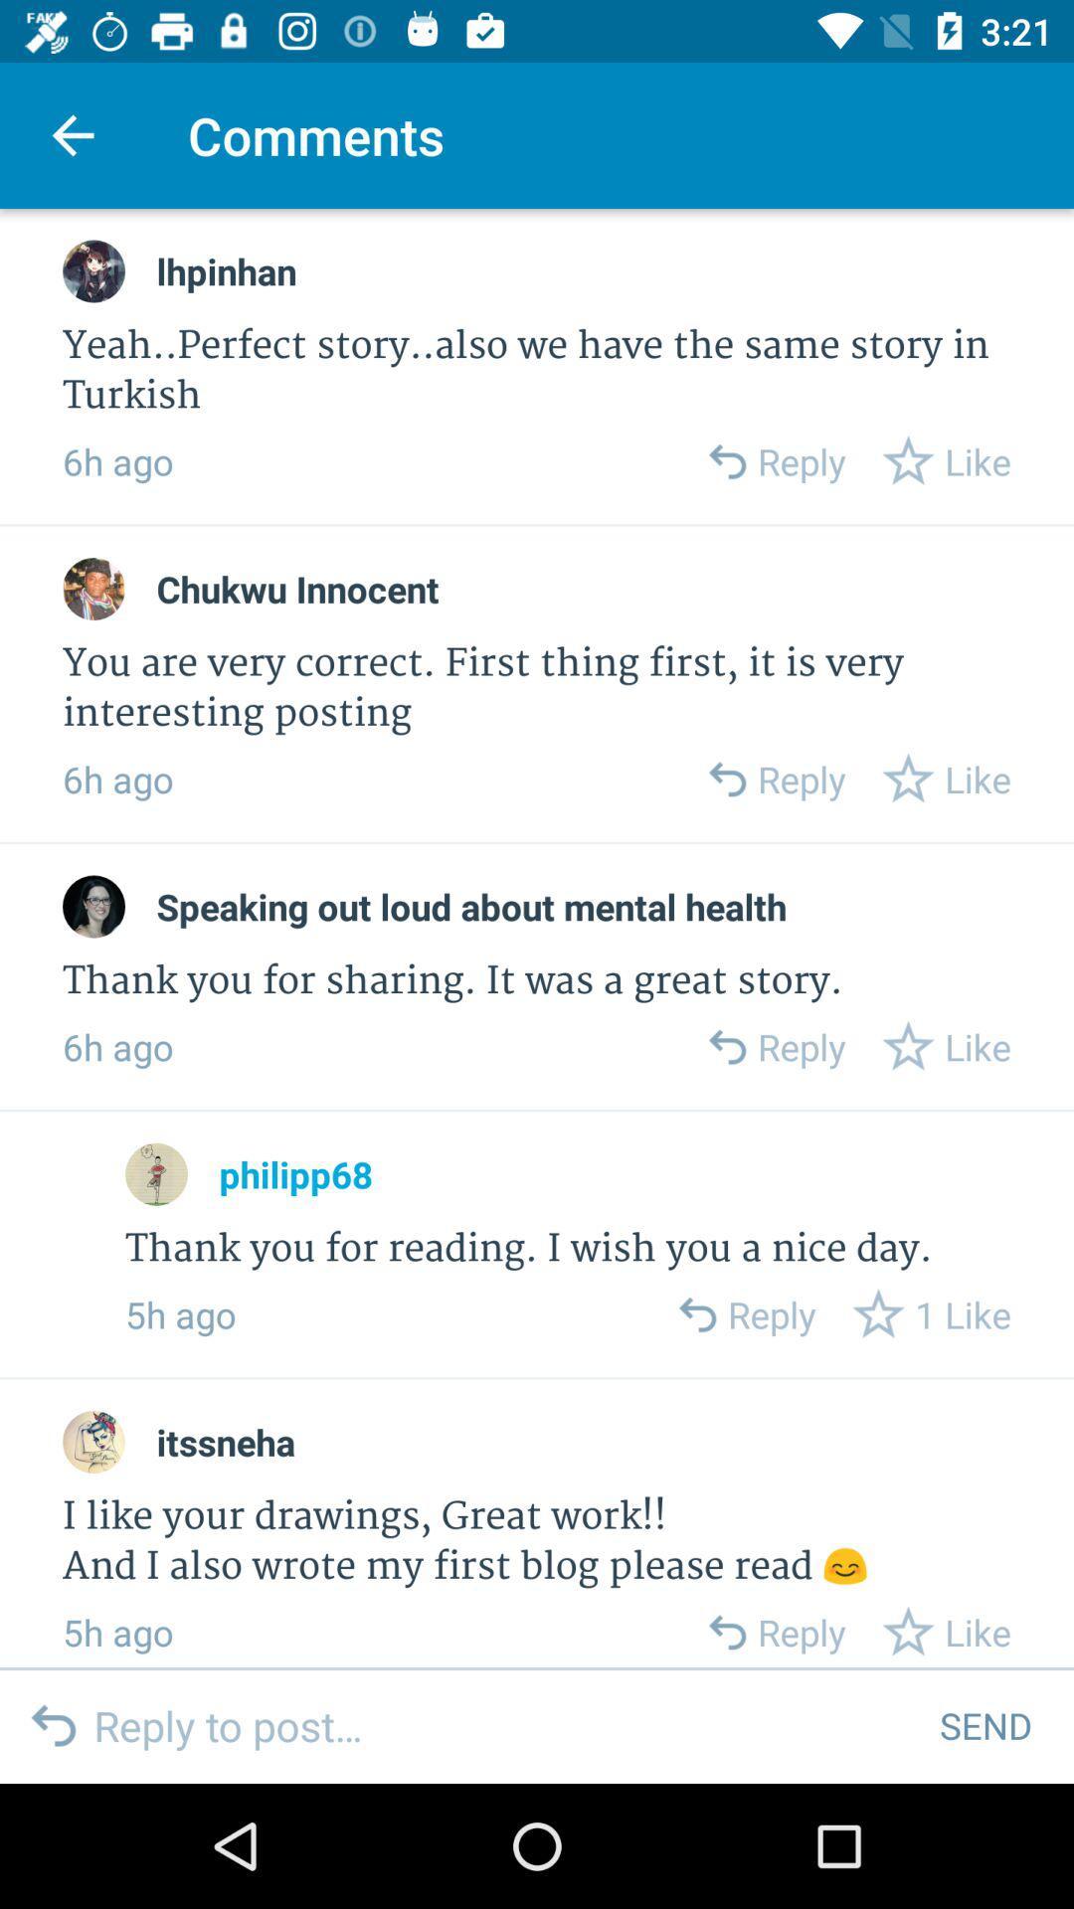  Describe the element at coordinates (726, 460) in the screenshot. I see `reply` at that location.